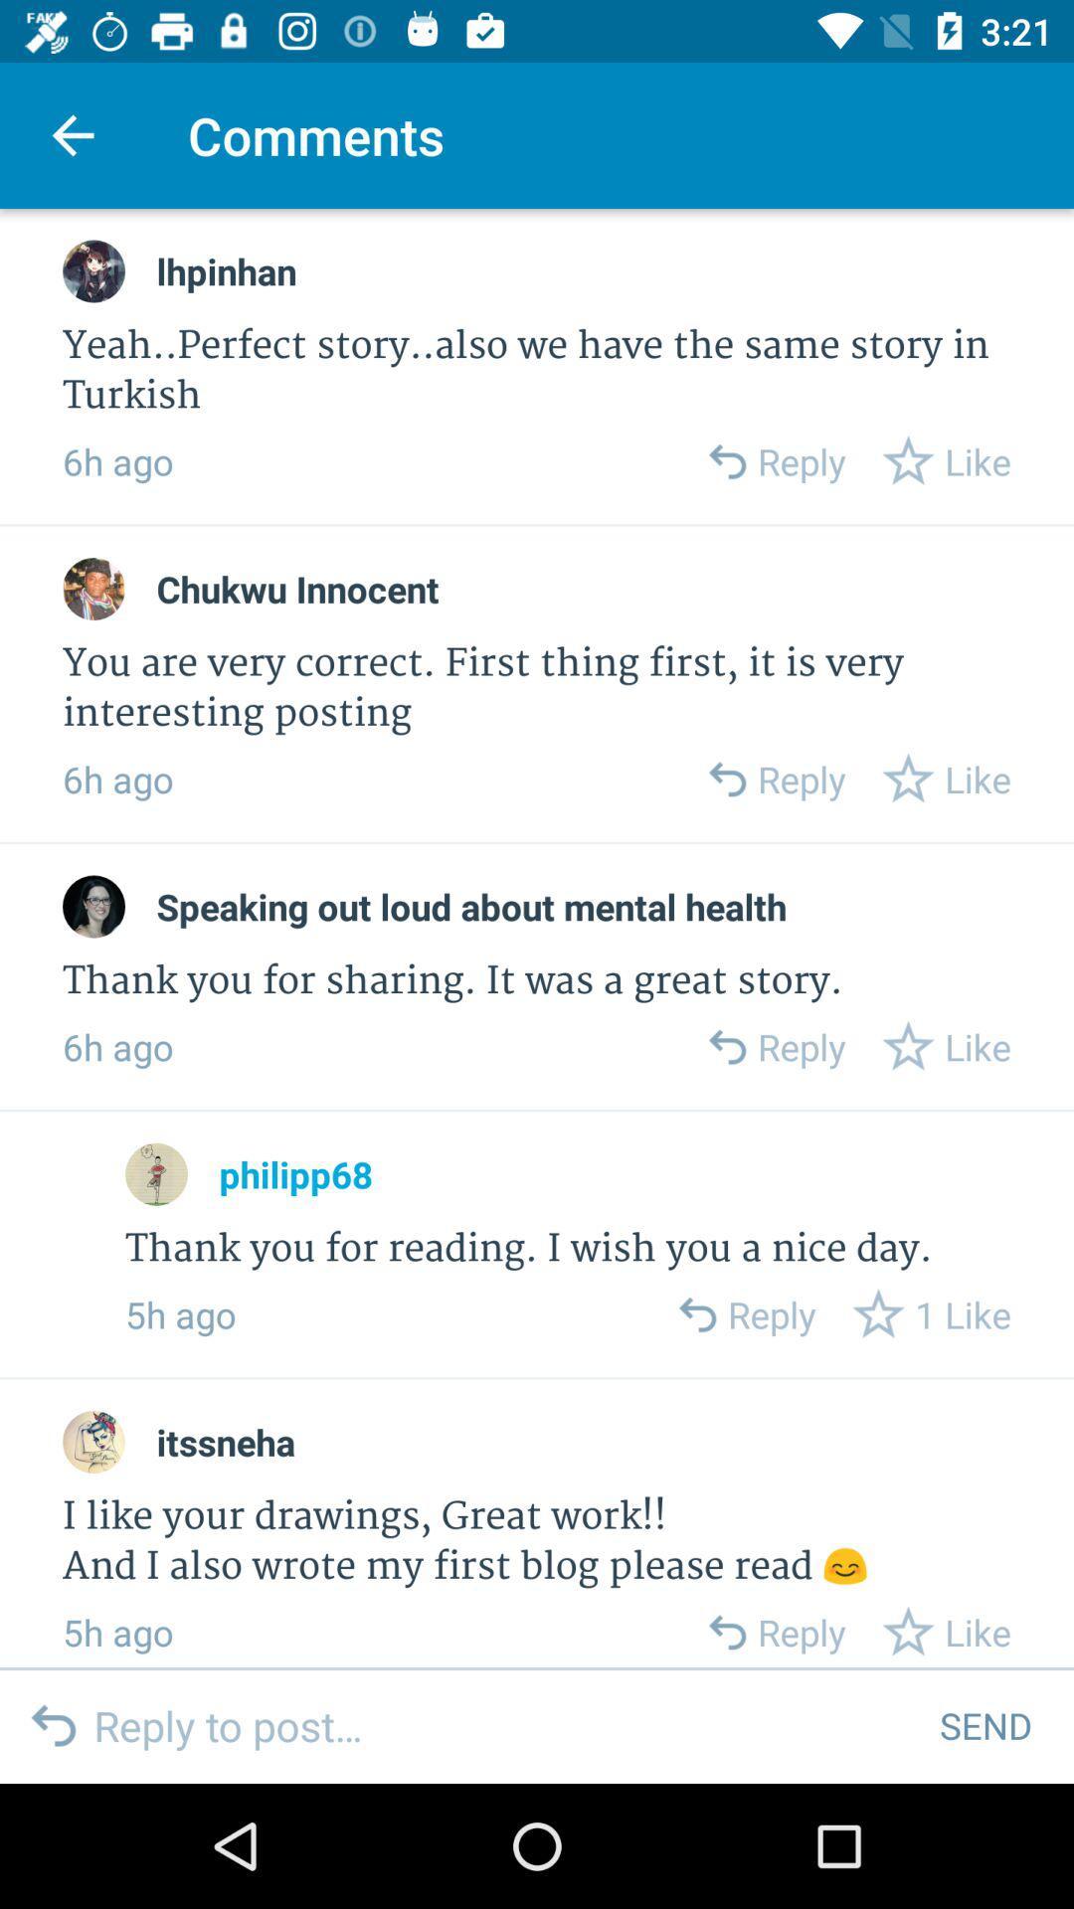  Describe the element at coordinates (726, 460) in the screenshot. I see `reply` at that location.